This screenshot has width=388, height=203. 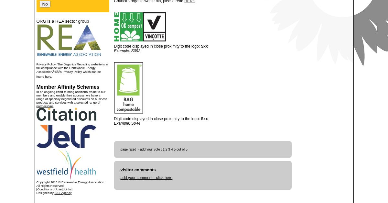 What do you see at coordinates (70, 184) in the screenshot?
I see `'Copyright 2016 © Renewable Energy Association. All Rights Reserved'` at bounding box center [70, 184].